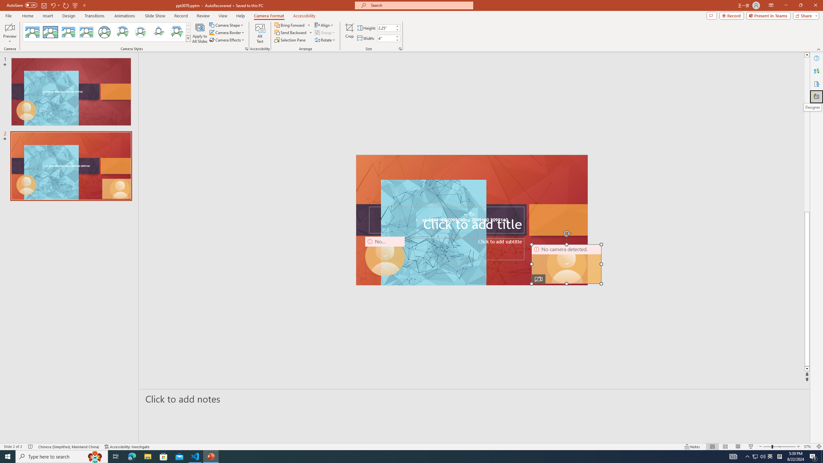  I want to click on 'Cameo Width', so click(385, 38).